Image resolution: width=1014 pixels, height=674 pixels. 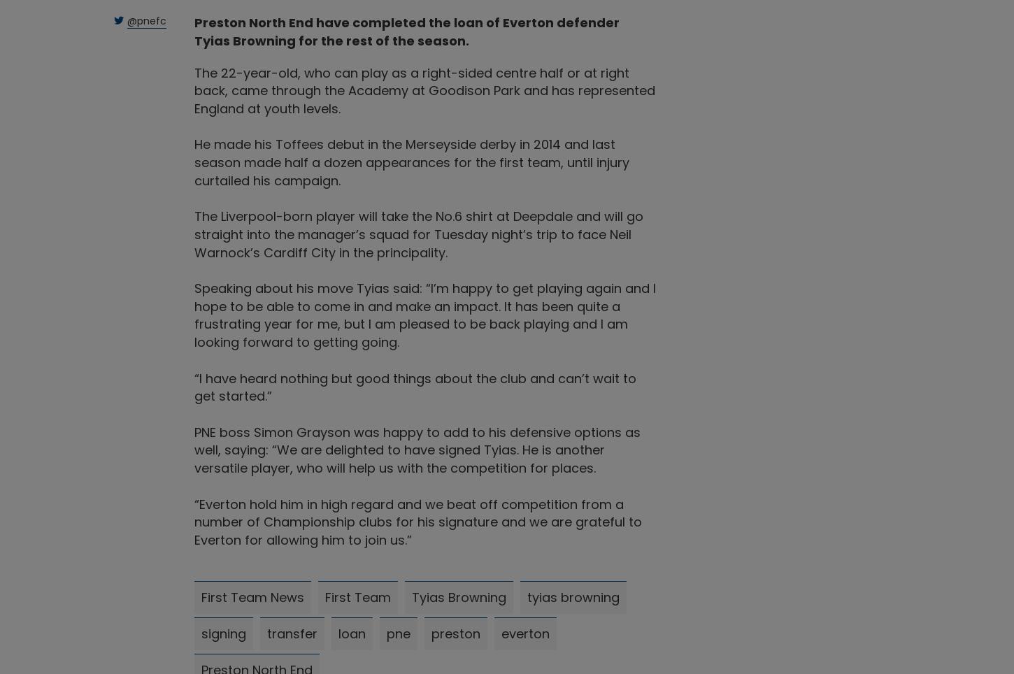 What do you see at coordinates (411, 162) in the screenshot?
I see `'He made his Toffees debut in the Merseyside derby in 2014 and last season made half a dozen appearances for the first team, until injury curtailed his campaign.'` at bounding box center [411, 162].